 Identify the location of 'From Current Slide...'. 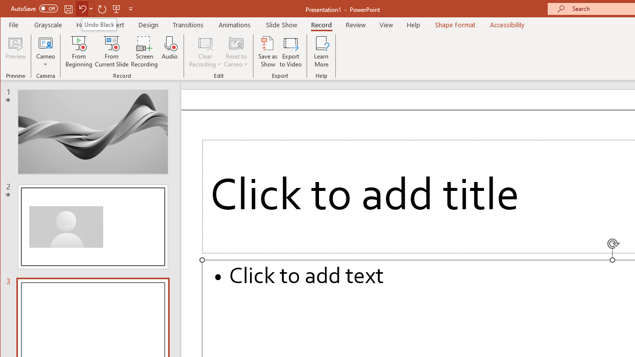
(112, 52).